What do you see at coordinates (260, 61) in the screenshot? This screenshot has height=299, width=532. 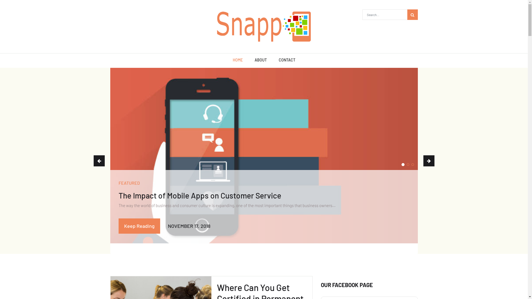 I see `'ABOUT'` at bounding box center [260, 61].